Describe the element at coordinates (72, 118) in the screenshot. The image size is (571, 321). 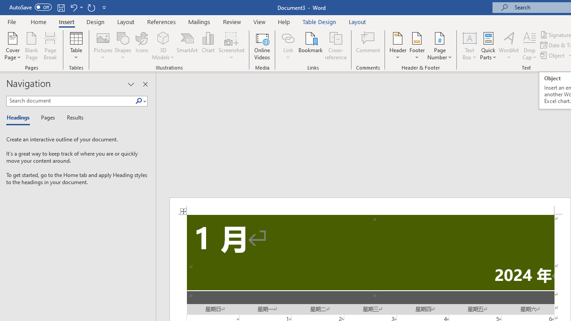
I see `'Results'` at that location.